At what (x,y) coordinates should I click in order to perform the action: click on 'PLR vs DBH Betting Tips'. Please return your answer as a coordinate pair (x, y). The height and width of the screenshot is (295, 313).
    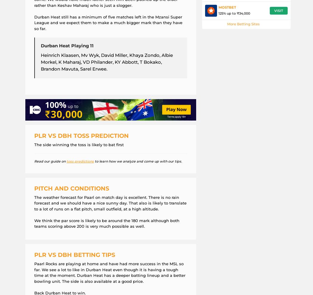
    Looking at the image, I should click on (75, 255).